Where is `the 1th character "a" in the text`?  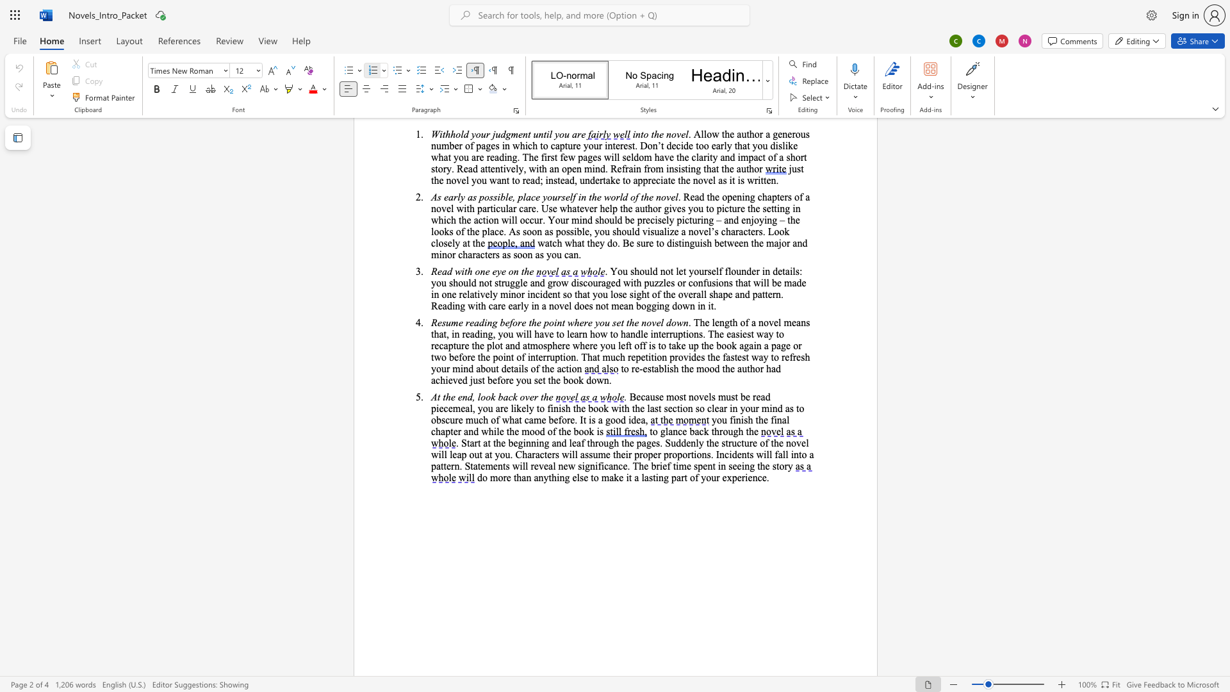 the 1th character "a" in the text is located at coordinates (656, 368).